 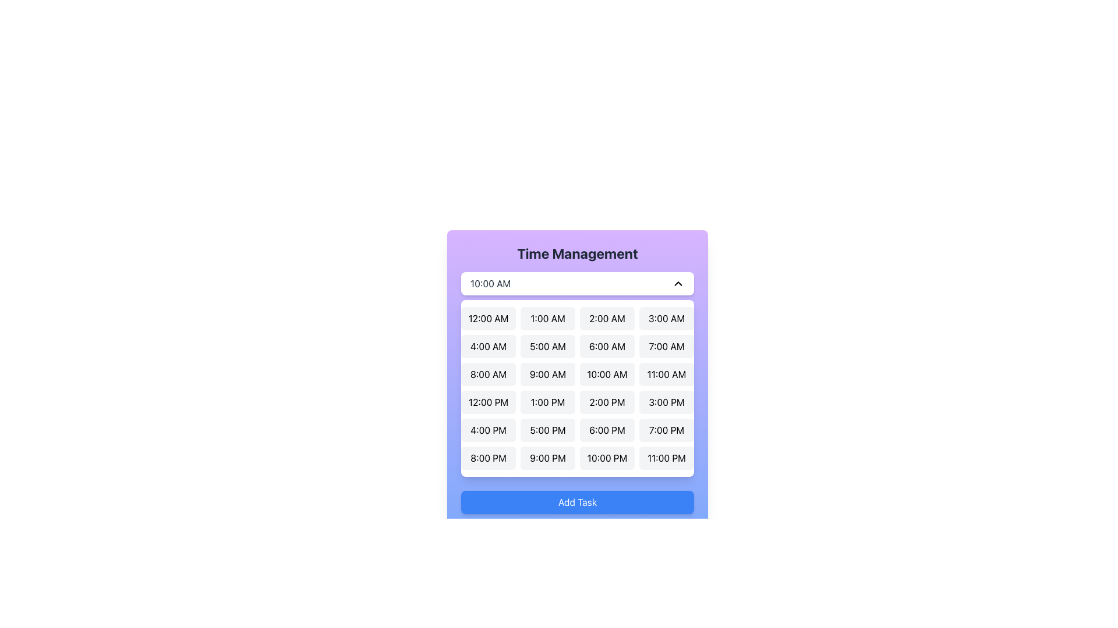 What do you see at coordinates (547, 457) in the screenshot?
I see `the '9:00 PM' button, which is a rectangular button with rounded edges, located in the fourth row and second column of the time slots grid within the purple 'Time Management' card` at bounding box center [547, 457].